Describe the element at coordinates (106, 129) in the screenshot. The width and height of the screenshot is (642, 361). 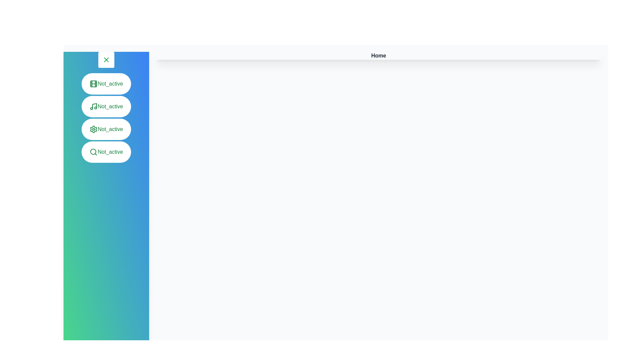
I see `the menu item Settings to observe its hover effect` at that location.